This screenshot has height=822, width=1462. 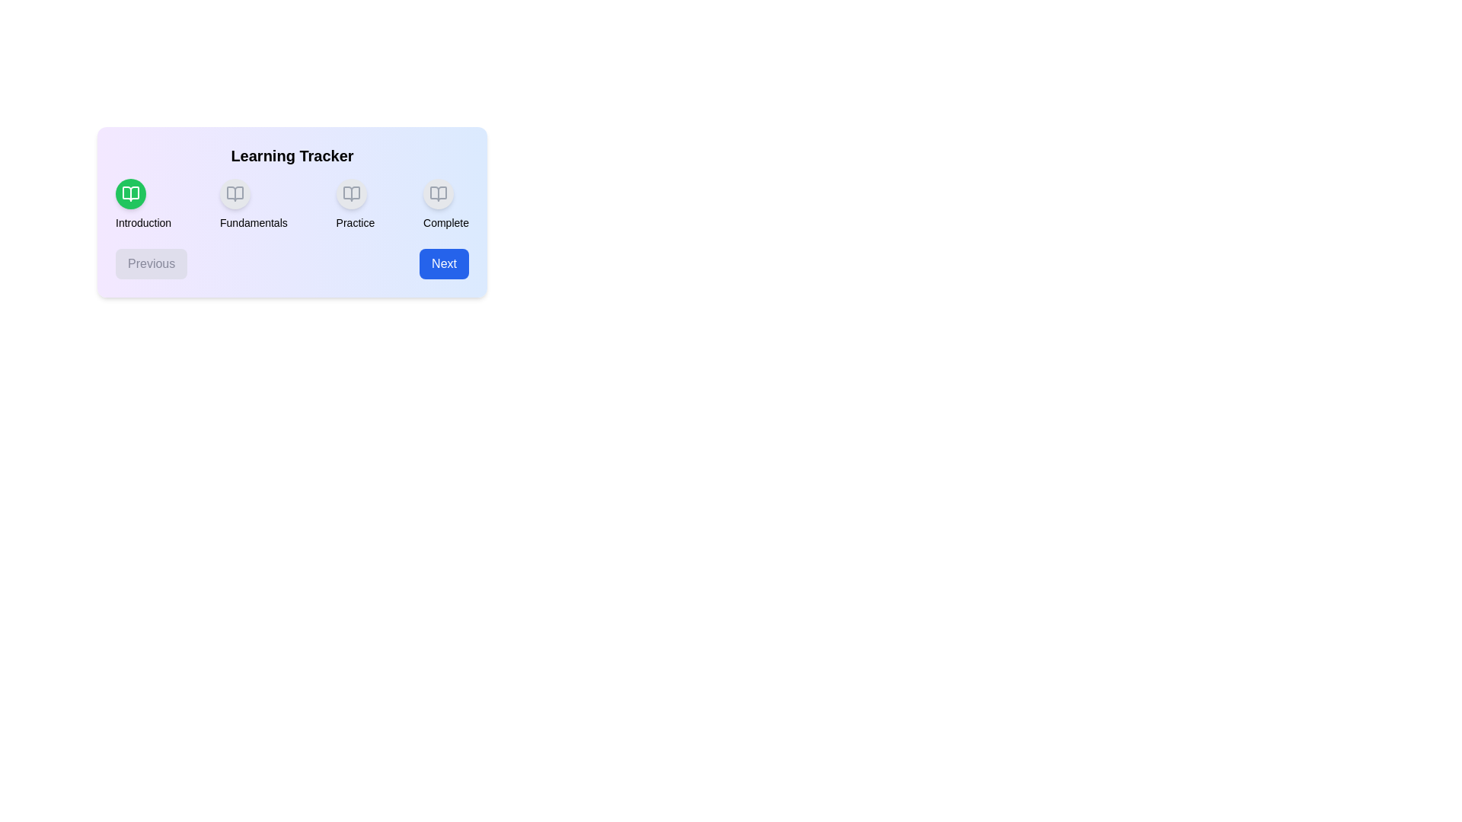 What do you see at coordinates (131, 193) in the screenshot?
I see `the open book icon, which is represented in a minimalist line art style within a green circular background, located in the top-left region of the interface as part of the Learning Tracker module` at bounding box center [131, 193].